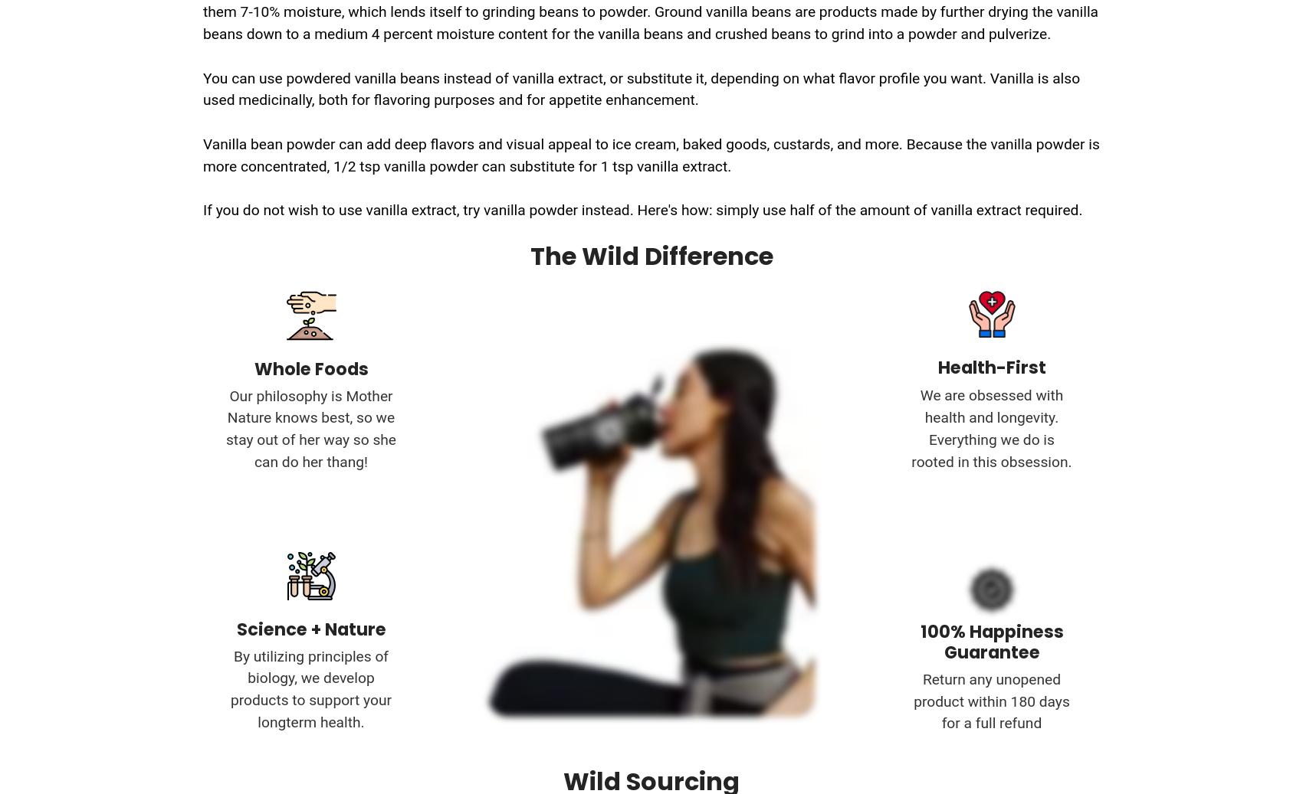 The image size is (1303, 794). Describe the element at coordinates (991, 641) in the screenshot. I see `'100% Happiness Guarantee'` at that location.